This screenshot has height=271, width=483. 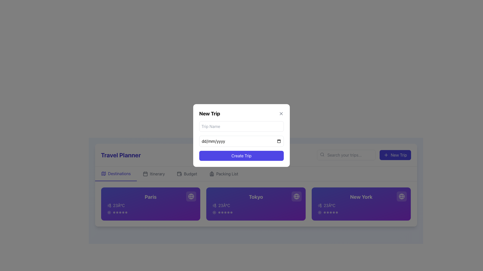 I want to click on the small wallet icon located in the top-right corner of the interface, so click(x=179, y=173).